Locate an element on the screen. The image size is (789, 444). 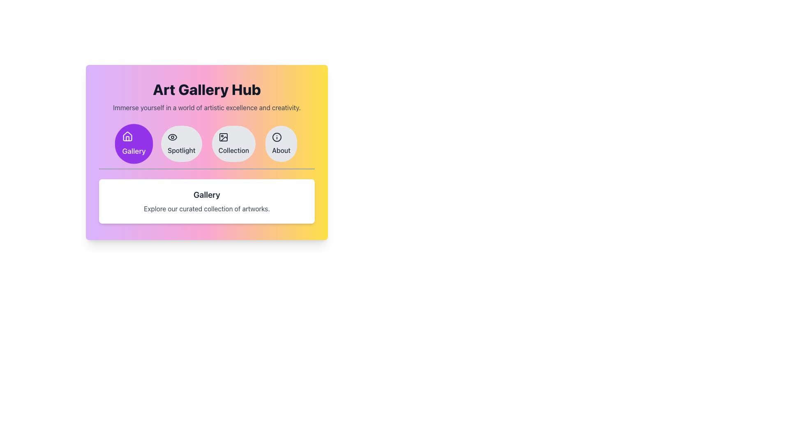
the circular button labeled 'Collection' with a light gray background and a centered image frame icon is located at coordinates (233, 143).